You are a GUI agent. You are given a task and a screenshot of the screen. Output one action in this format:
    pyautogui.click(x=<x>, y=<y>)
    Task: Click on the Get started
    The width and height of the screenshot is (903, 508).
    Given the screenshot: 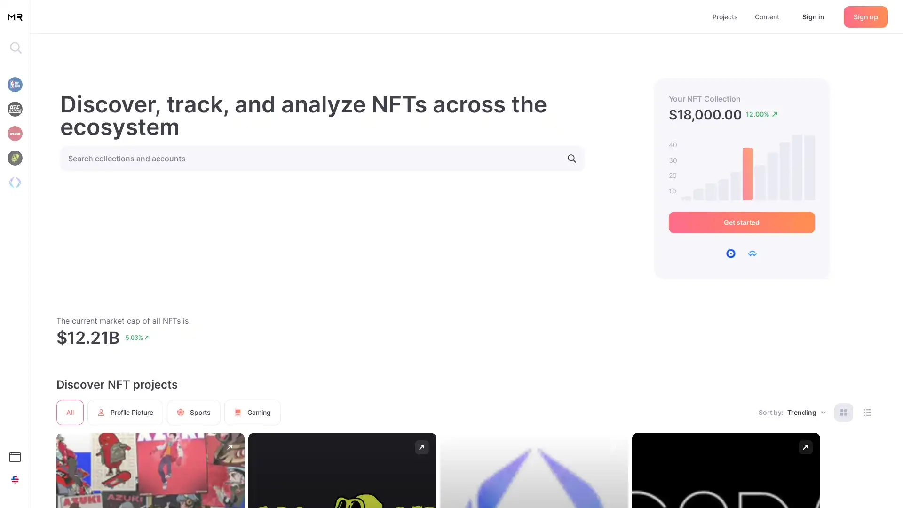 What is the action you would take?
    pyautogui.click(x=741, y=222)
    